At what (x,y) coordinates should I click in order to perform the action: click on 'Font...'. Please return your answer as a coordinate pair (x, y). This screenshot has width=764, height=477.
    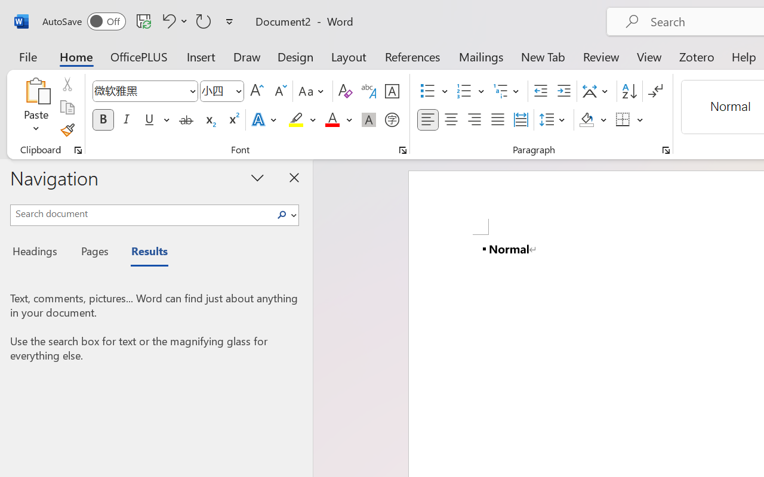
    Looking at the image, I should click on (403, 150).